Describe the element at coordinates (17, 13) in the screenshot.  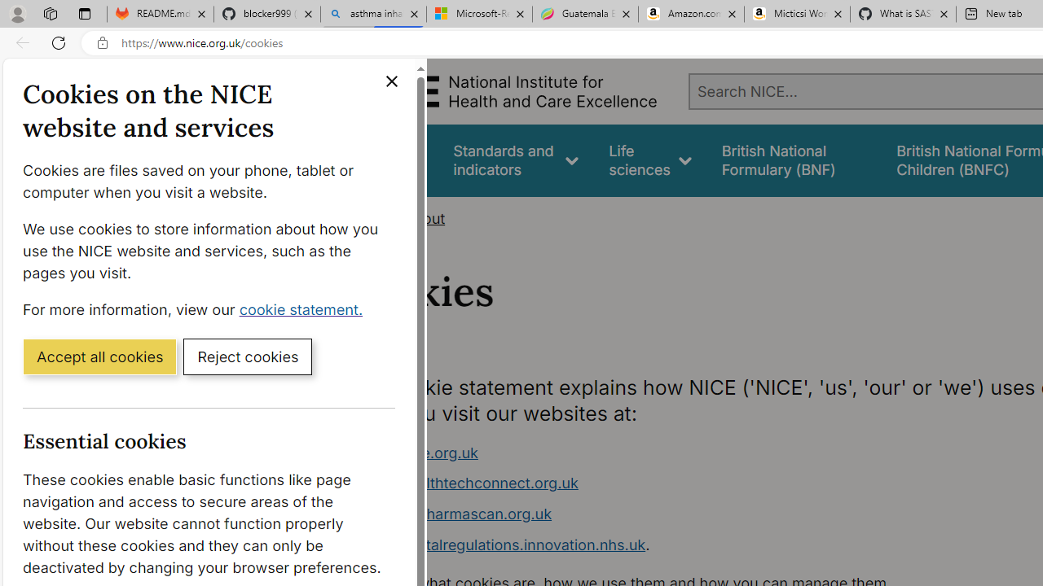
I see `'Personal Profile'` at that location.